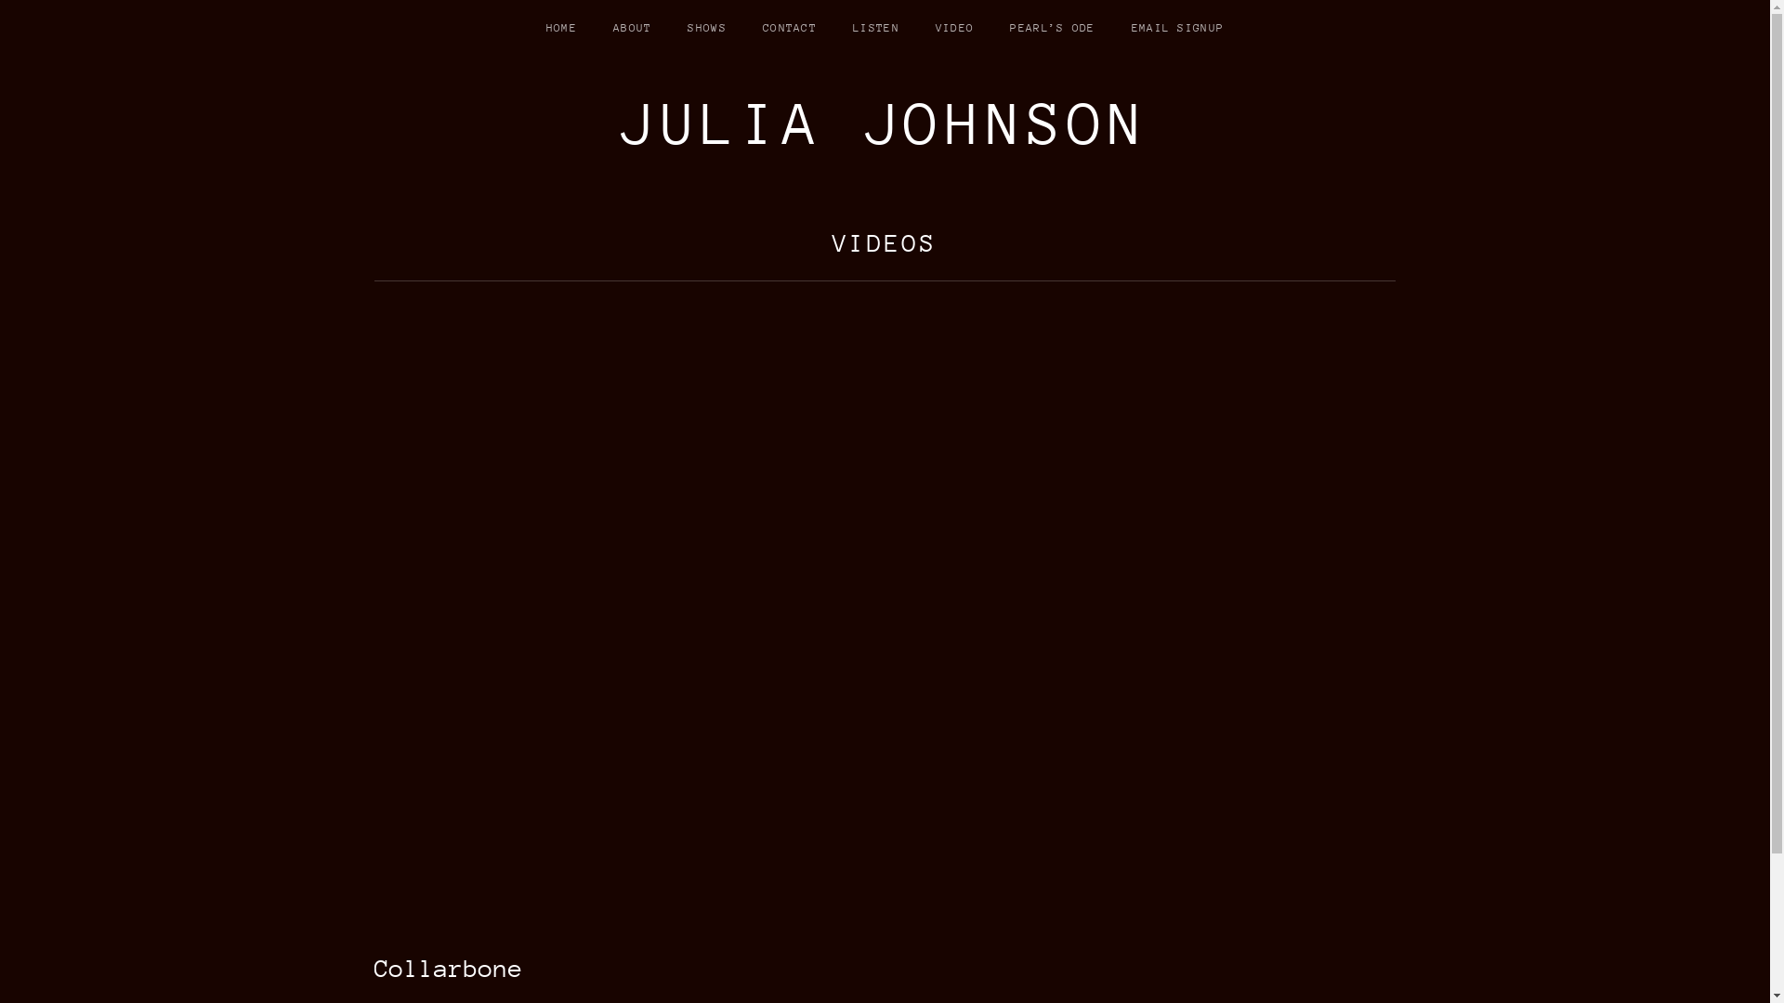  Describe the element at coordinates (874, 28) in the screenshot. I see `'LISTEN'` at that location.